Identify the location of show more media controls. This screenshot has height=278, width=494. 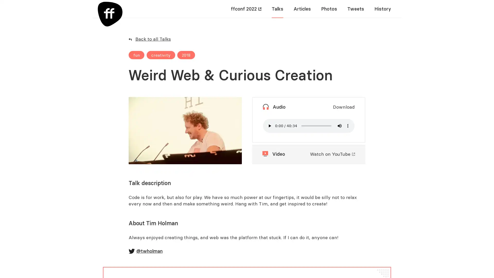
(348, 126).